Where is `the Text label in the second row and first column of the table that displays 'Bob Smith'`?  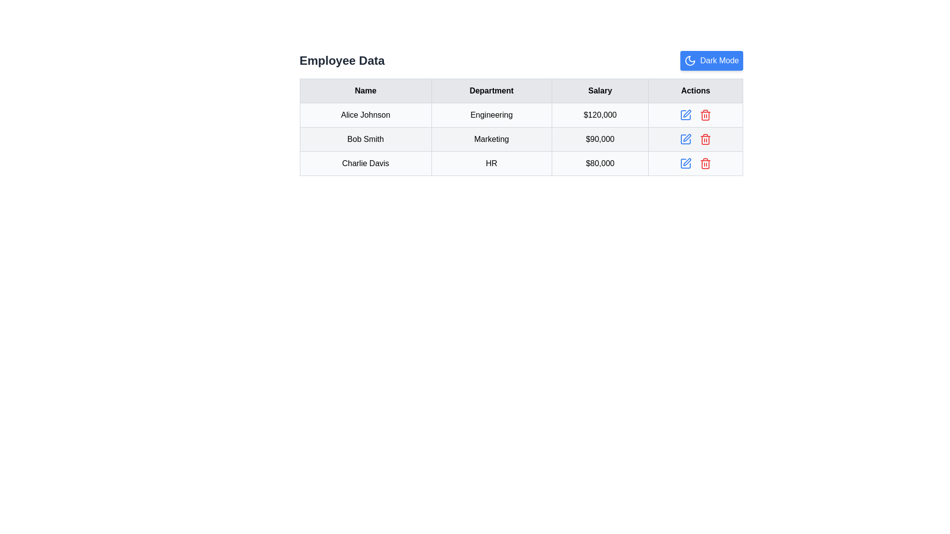
the Text label in the second row and first column of the table that displays 'Bob Smith' is located at coordinates (365, 139).